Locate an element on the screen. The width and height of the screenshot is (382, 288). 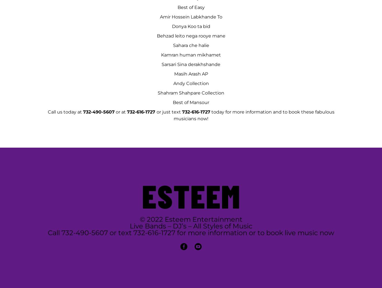
'today for more information and to book these fabulous musicians now!' is located at coordinates (253, 115).